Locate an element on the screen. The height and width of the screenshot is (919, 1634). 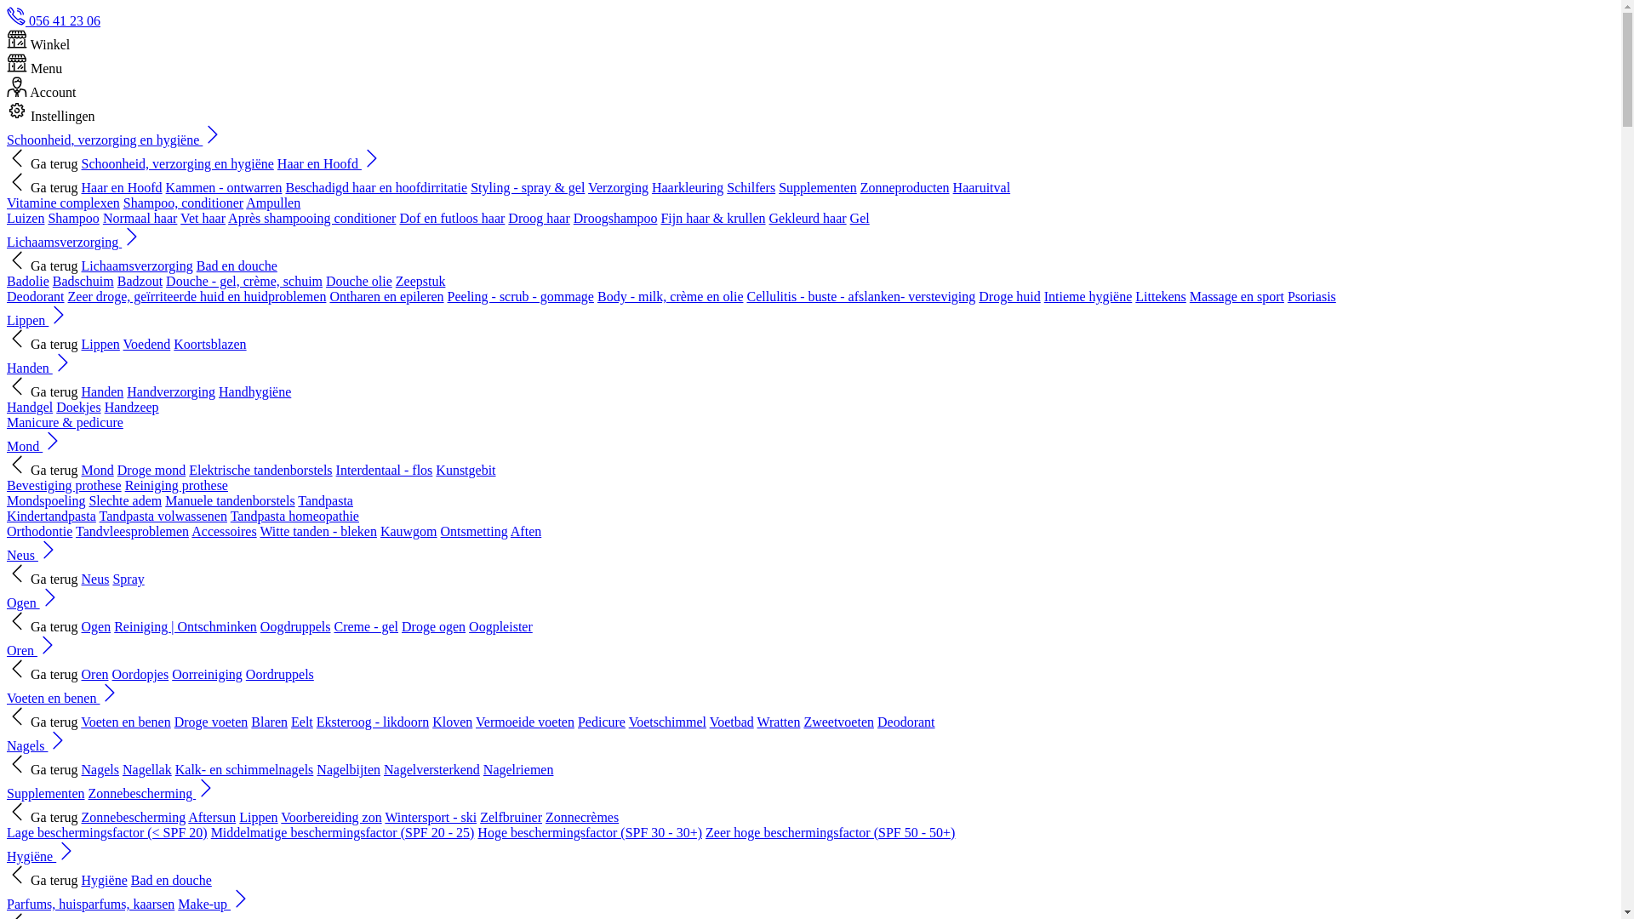
'Vet haar' is located at coordinates (203, 217).